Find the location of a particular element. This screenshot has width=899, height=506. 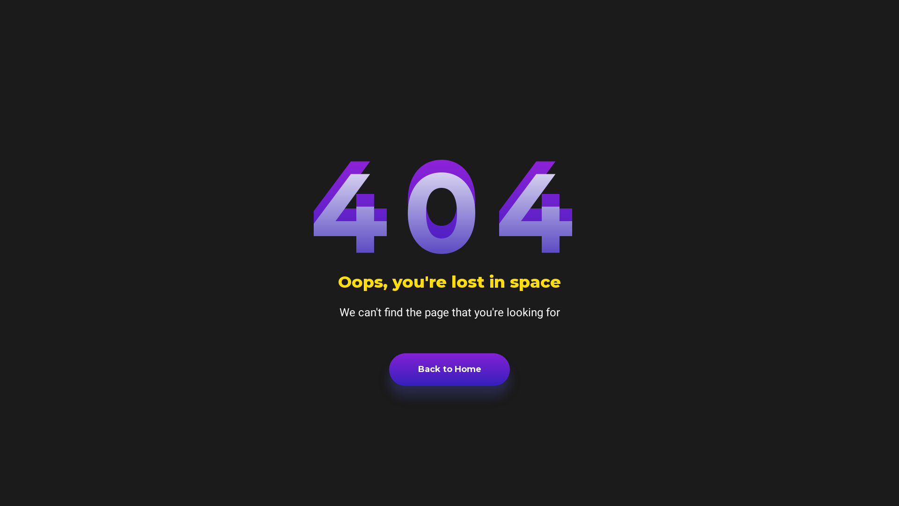

'Back to Home' is located at coordinates (449, 369).